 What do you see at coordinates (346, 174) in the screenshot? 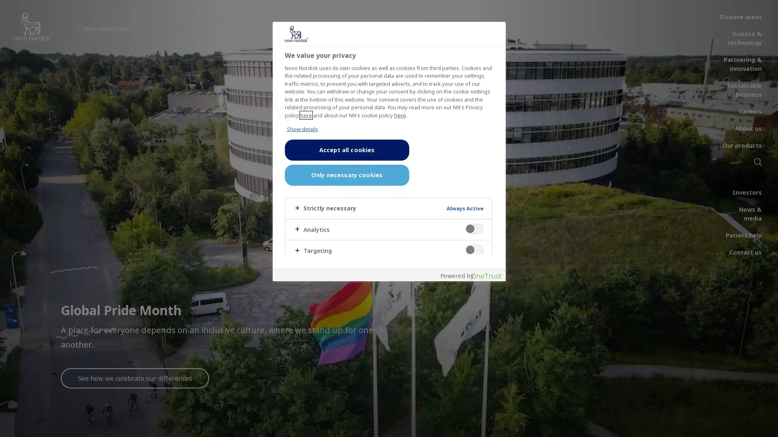
I see `Only necessary cookies` at bounding box center [346, 174].